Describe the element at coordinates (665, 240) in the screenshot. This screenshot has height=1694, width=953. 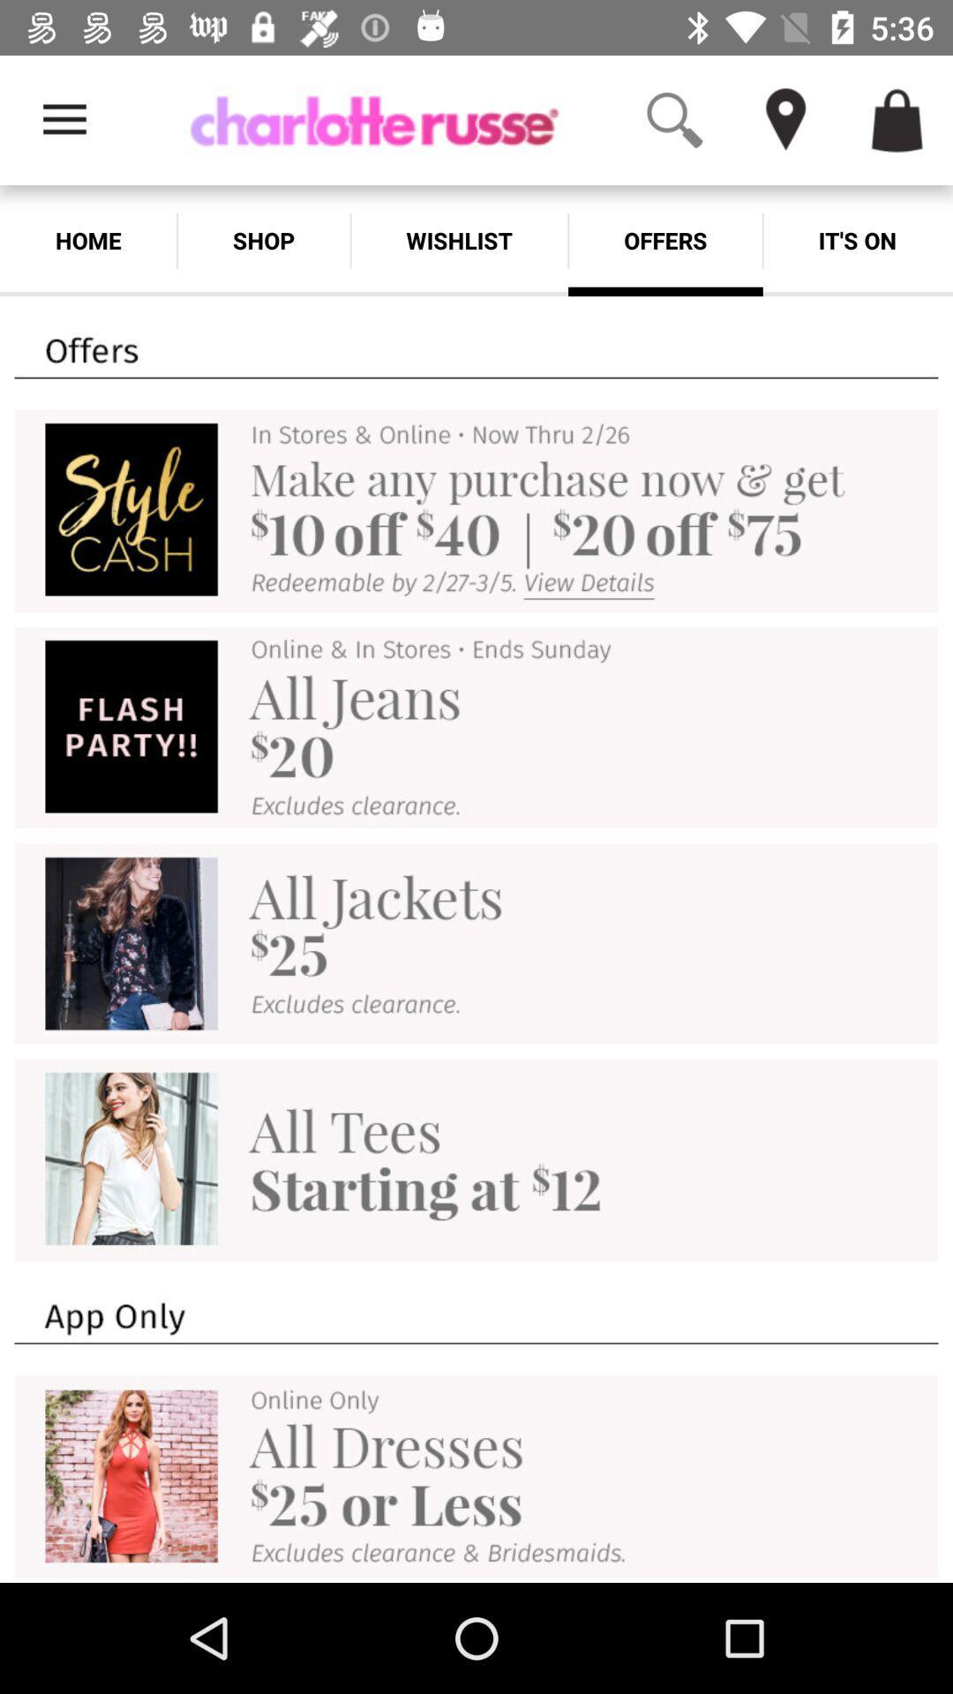
I see `the offers` at that location.